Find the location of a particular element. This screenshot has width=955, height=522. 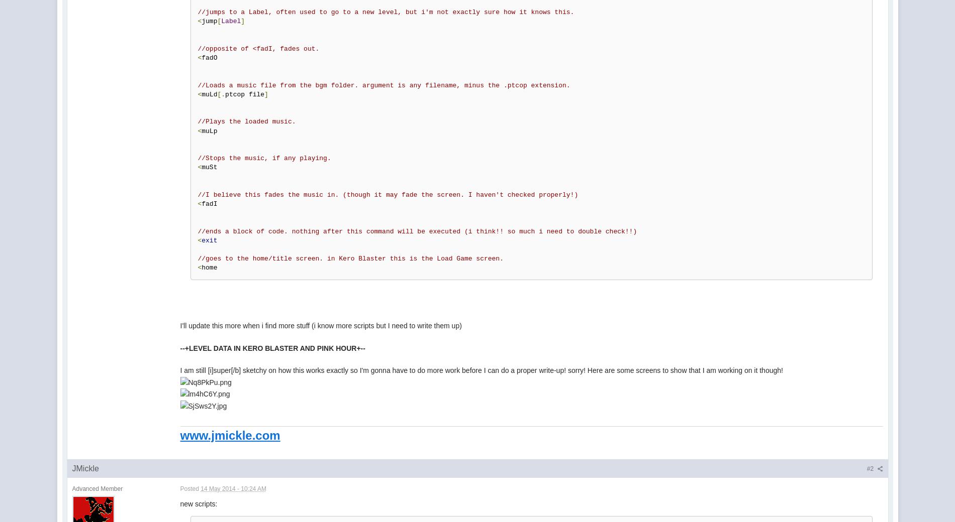

'#2' is located at coordinates (870, 469).